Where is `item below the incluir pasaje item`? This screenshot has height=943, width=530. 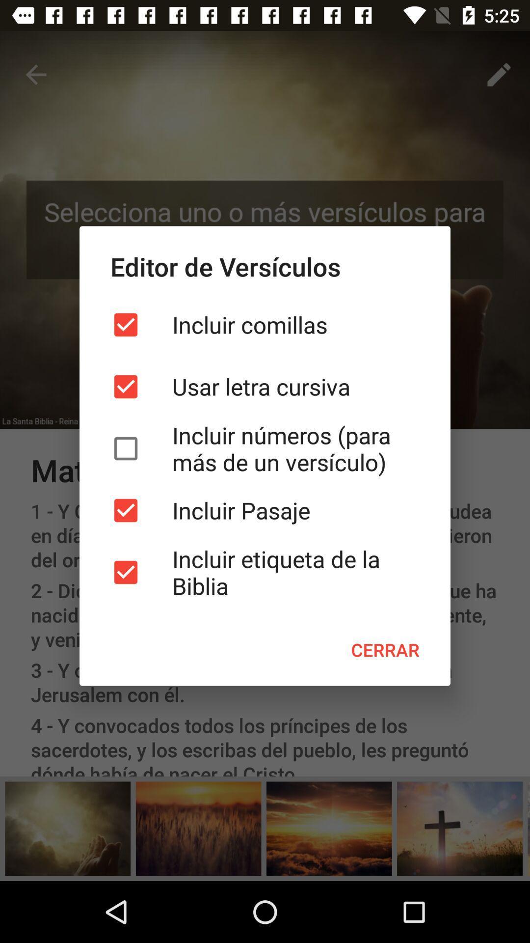
item below the incluir pasaje item is located at coordinates (265, 572).